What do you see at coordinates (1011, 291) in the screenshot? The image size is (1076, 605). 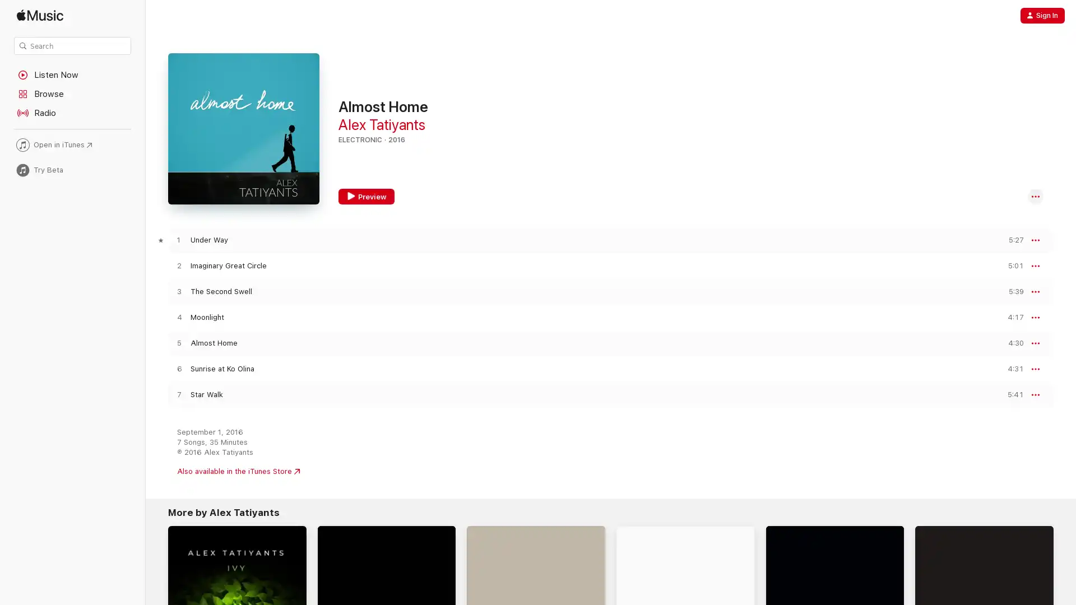 I see `Preview` at bounding box center [1011, 291].